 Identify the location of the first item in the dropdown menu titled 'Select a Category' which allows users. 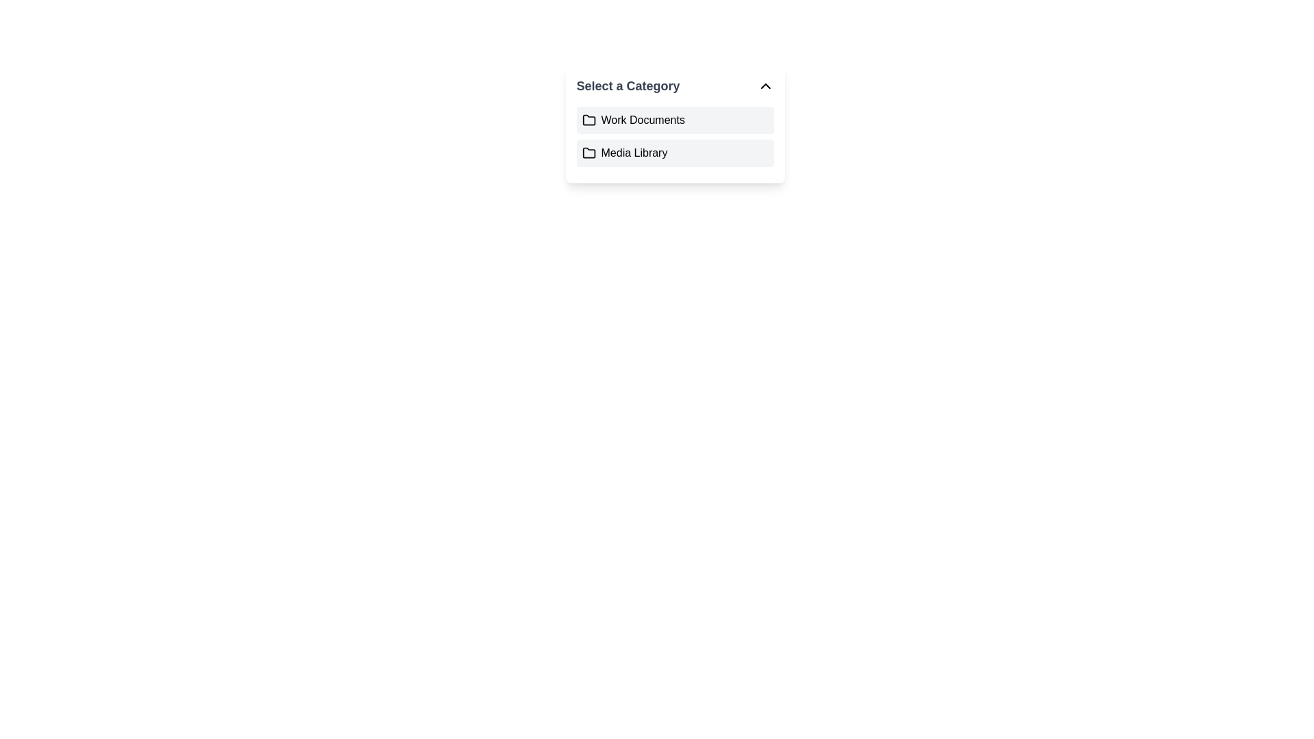
(675, 120).